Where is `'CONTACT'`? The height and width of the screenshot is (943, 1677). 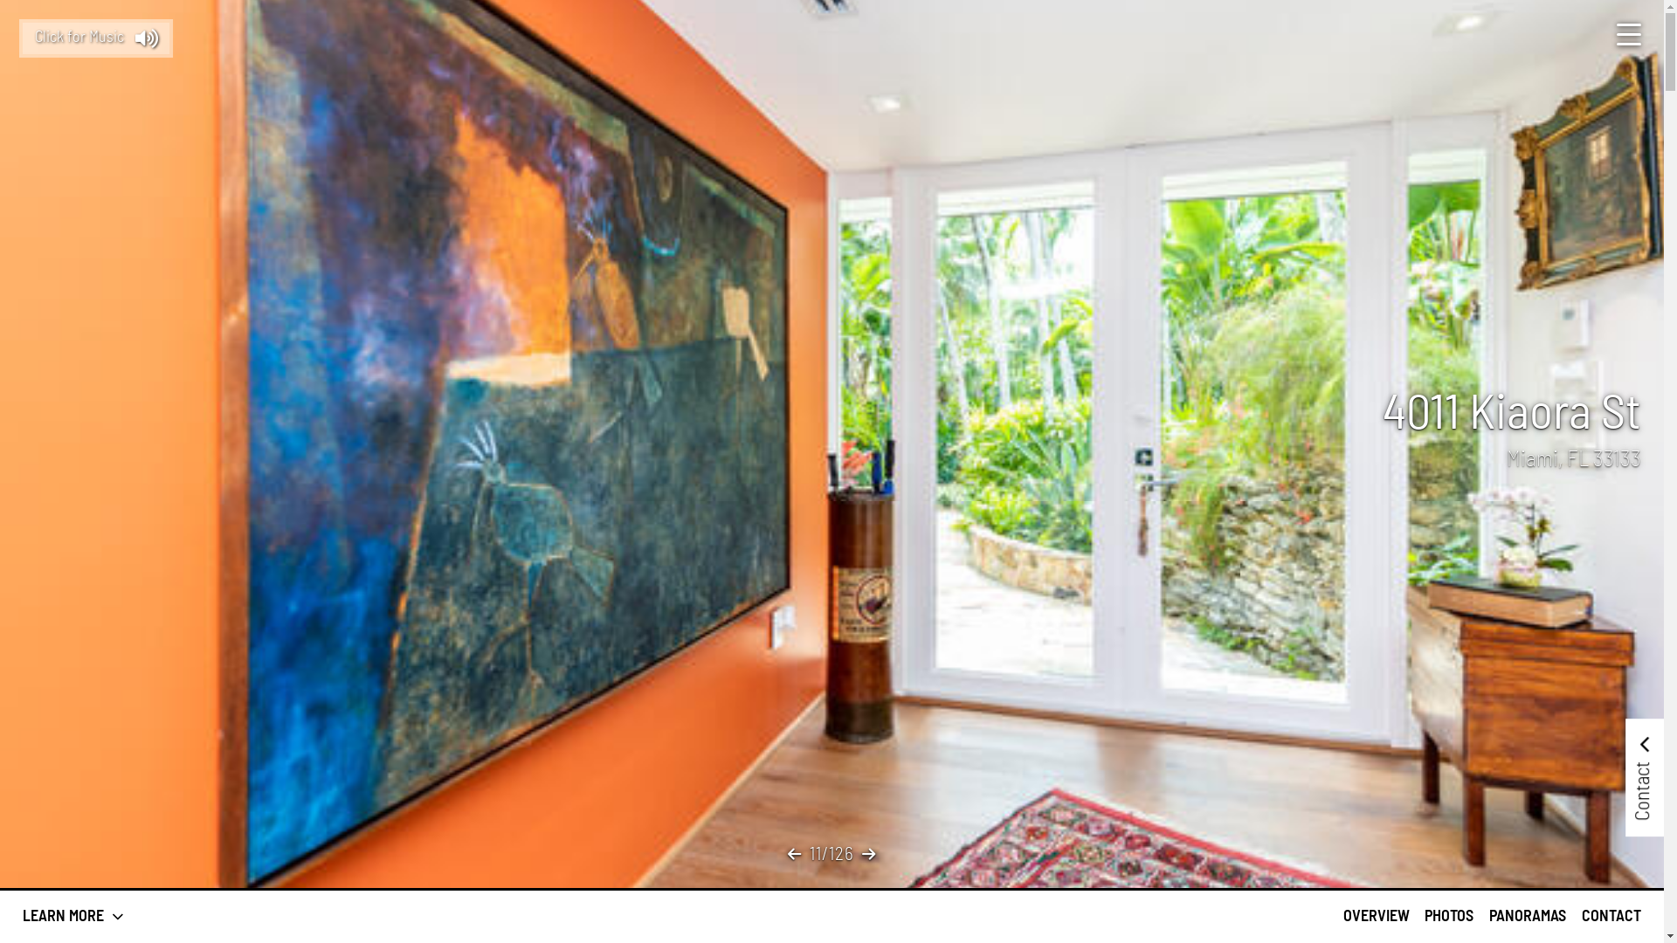
'CONTACT' is located at coordinates (1610, 915).